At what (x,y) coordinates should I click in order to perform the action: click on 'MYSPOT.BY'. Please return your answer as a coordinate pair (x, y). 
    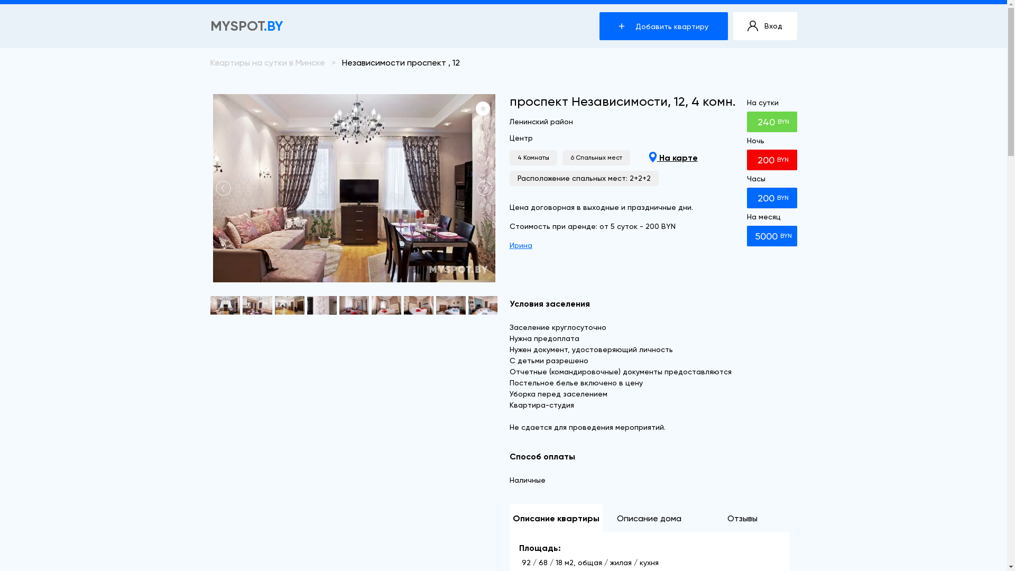
    Looking at the image, I should click on (210, 25).